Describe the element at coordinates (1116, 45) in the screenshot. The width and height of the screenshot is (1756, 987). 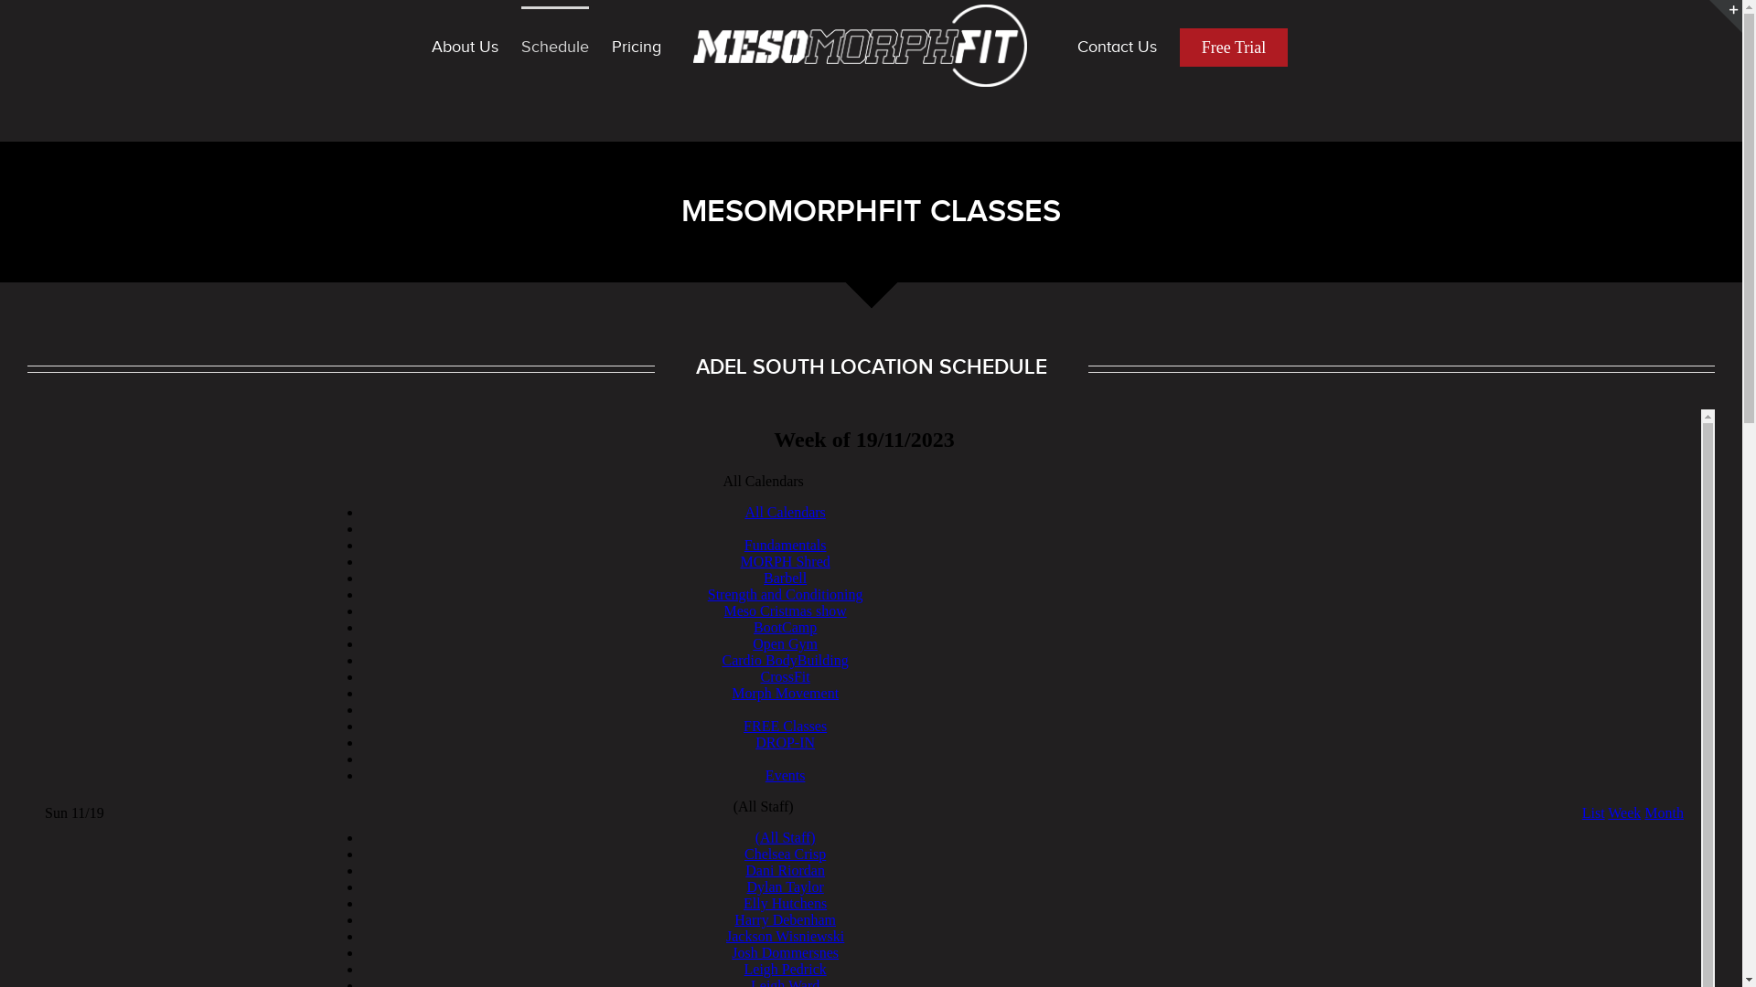
I see `'Contact Us'` at that location.